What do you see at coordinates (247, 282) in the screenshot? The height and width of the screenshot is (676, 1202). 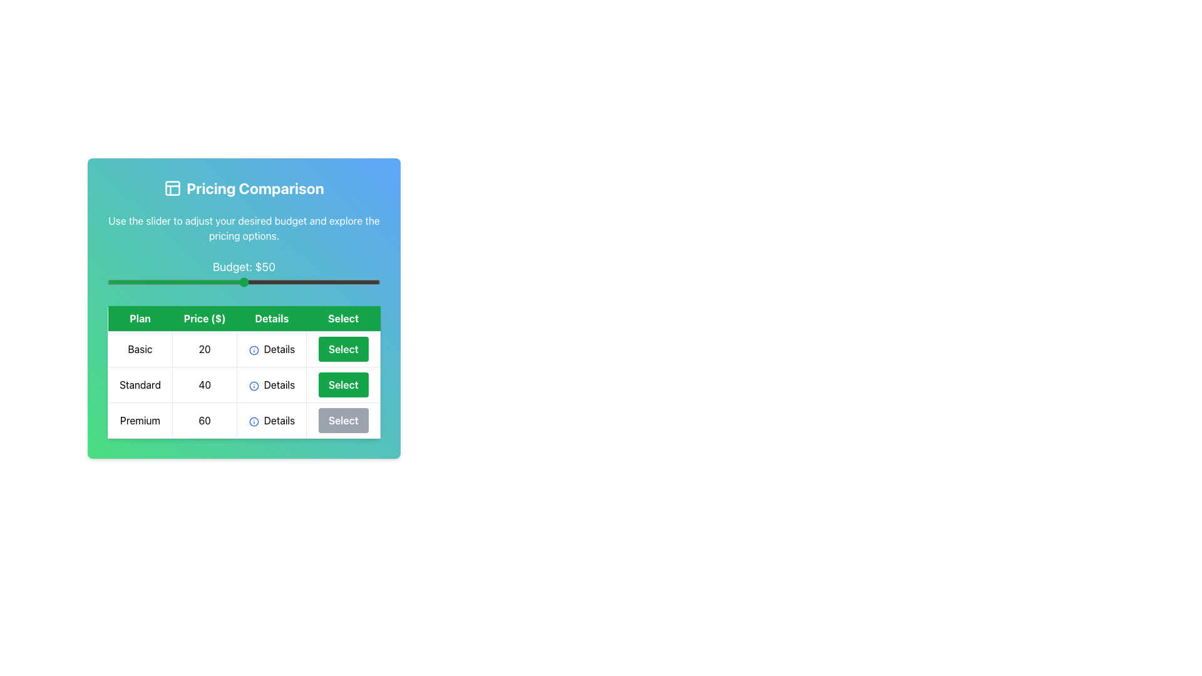 I see `the budget` at bounding box center [247, 282].